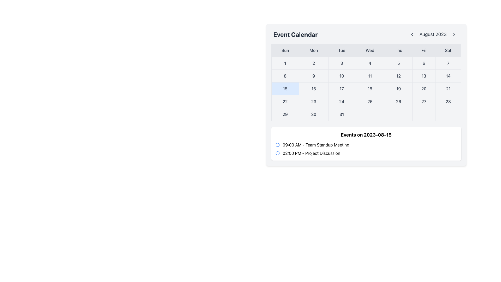  What do you see at coordinates (342, 63) in the screenshot?
I see `the calendar cell representing the 3rd of the current month, located under the 'Tue' column in the calendar grid` at bounding box center [342, 63].